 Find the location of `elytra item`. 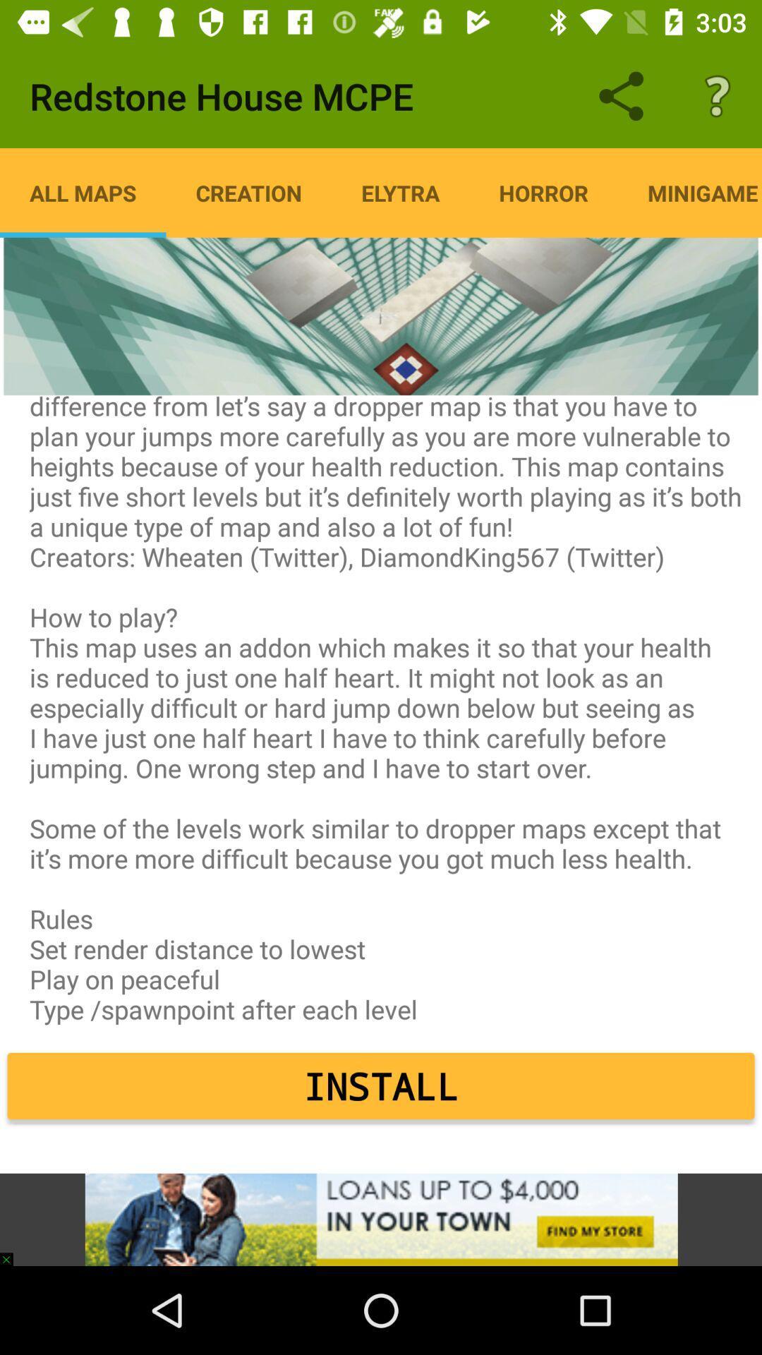

elytra item is located at coordinates (400, 192).